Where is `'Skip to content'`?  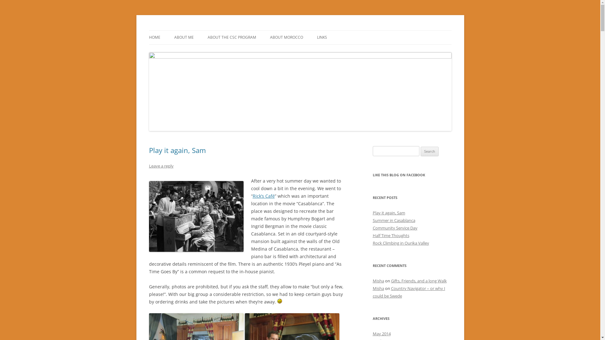 'Skip to content' is located at coordinates (316, 32).